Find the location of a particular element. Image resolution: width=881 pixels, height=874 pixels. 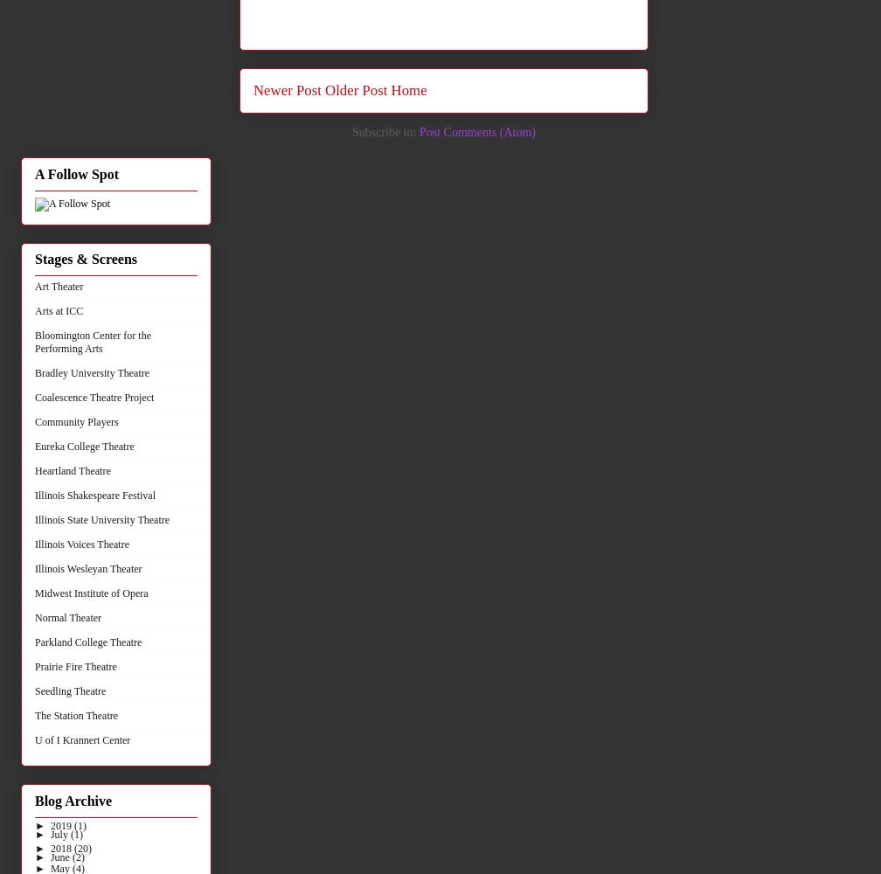

'Coalescence Theatre Project' is located at coordinates (94, 397).